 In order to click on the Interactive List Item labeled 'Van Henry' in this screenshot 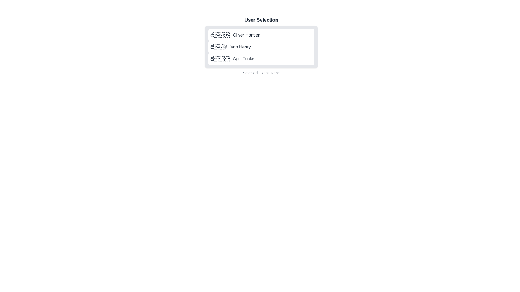, I will do `click(261, 45)`.